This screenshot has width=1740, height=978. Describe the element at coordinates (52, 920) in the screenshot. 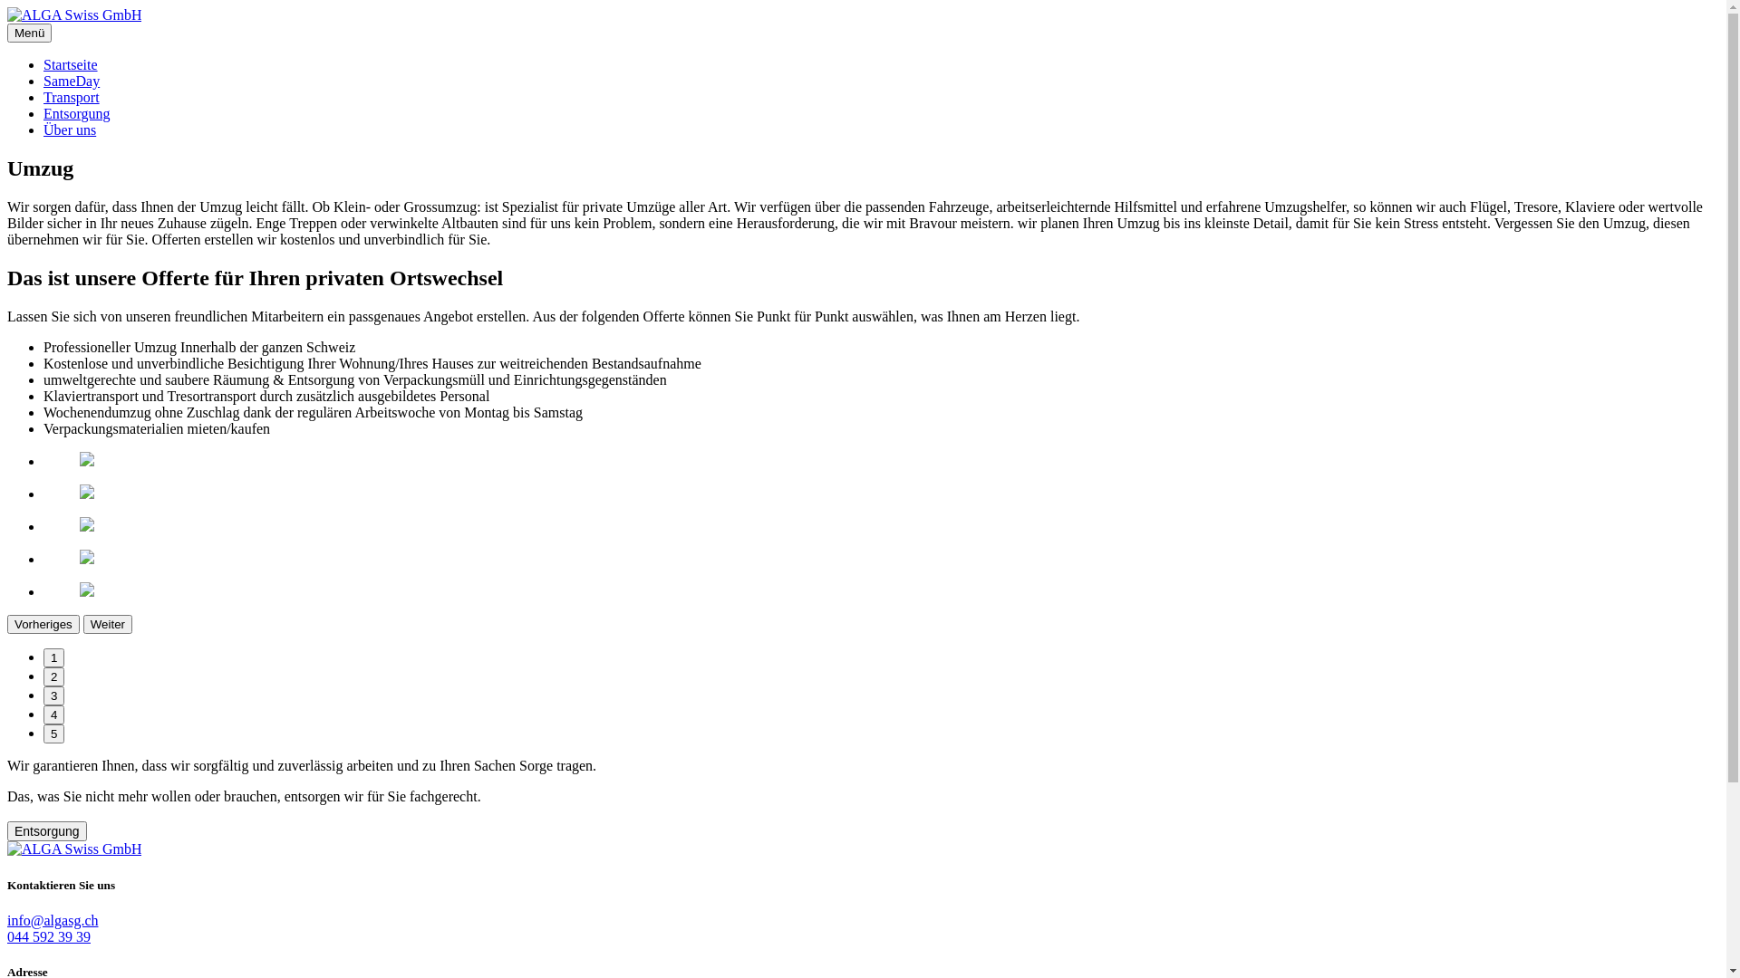

I see `'info@algasg.ch'` at that location.